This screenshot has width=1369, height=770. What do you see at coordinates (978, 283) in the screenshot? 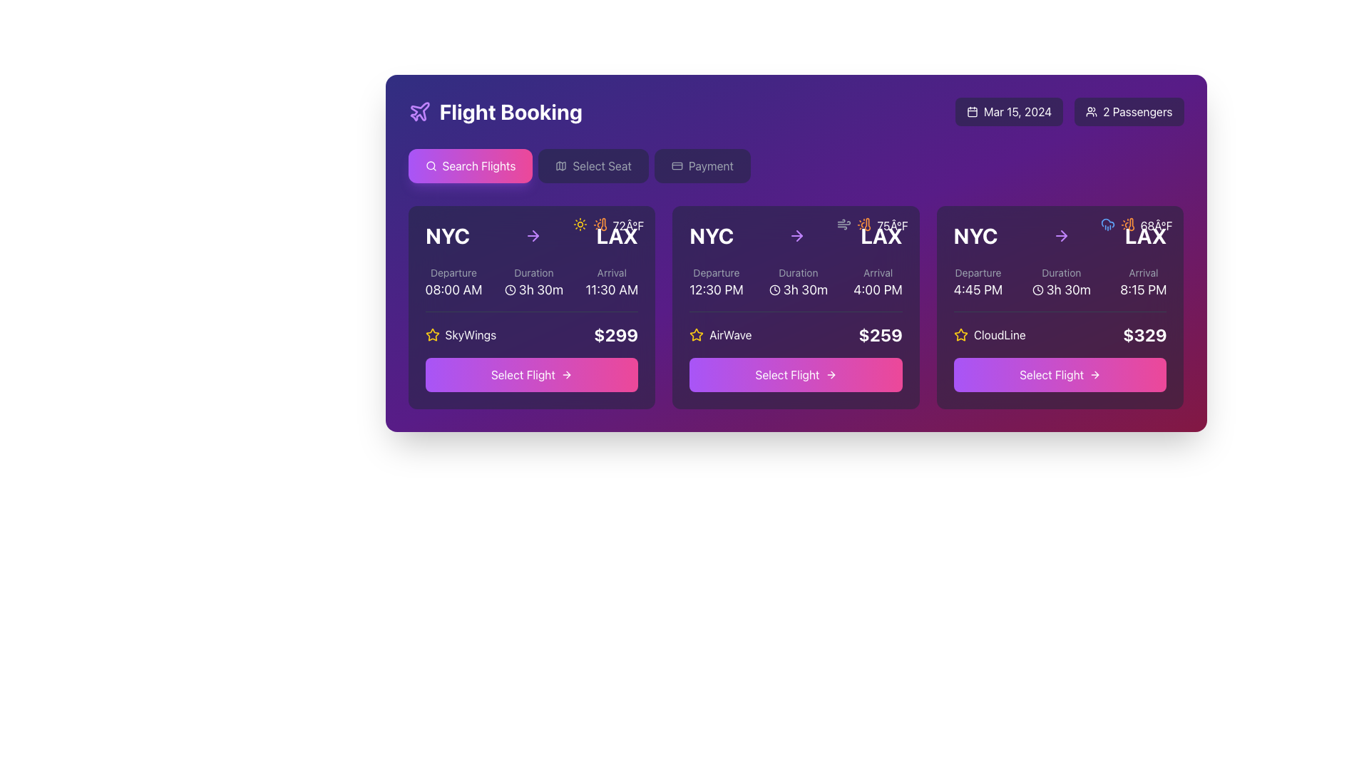
I see `departure time text '4:45 PM' from the text-based display component located in the third flight card's departure information section` at bounding box center [978, 283].